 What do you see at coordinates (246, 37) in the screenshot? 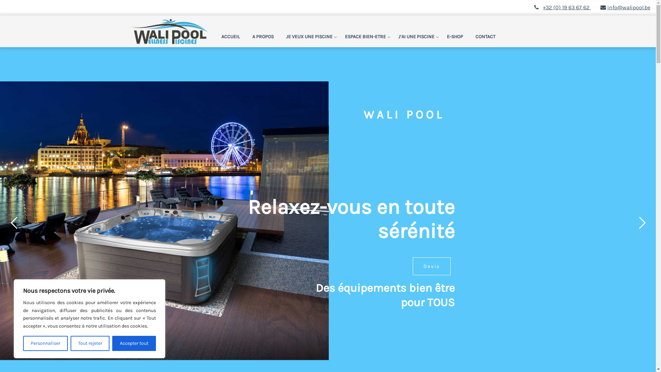
I see `'A PROPOS'` at bounding box center [246, 37].